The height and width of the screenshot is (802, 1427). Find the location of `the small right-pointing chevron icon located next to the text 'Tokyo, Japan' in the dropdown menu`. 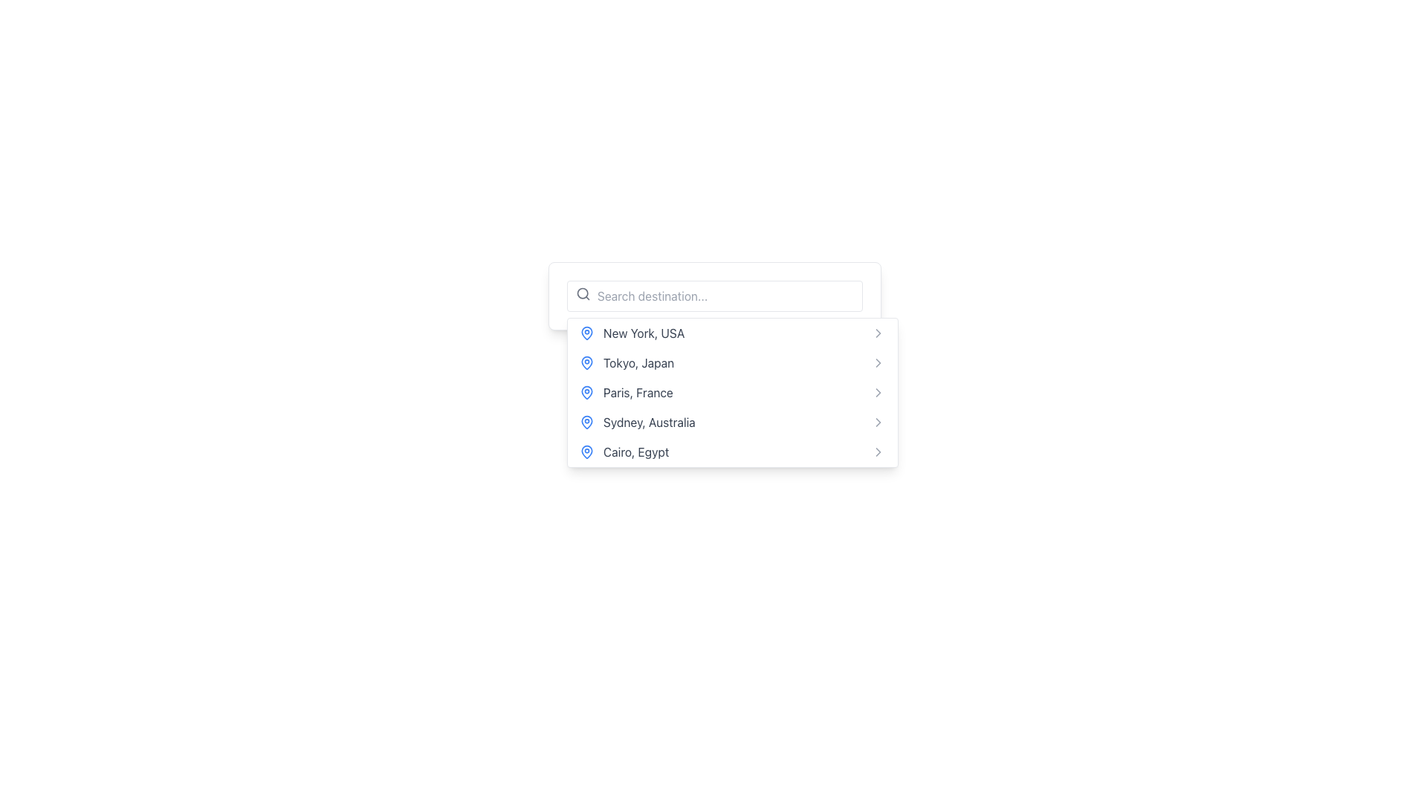

the small right-pointing chevron icon located next to the text 'Tokyo, Japan' in the dropdown menu is located at coordinates (878, 363).